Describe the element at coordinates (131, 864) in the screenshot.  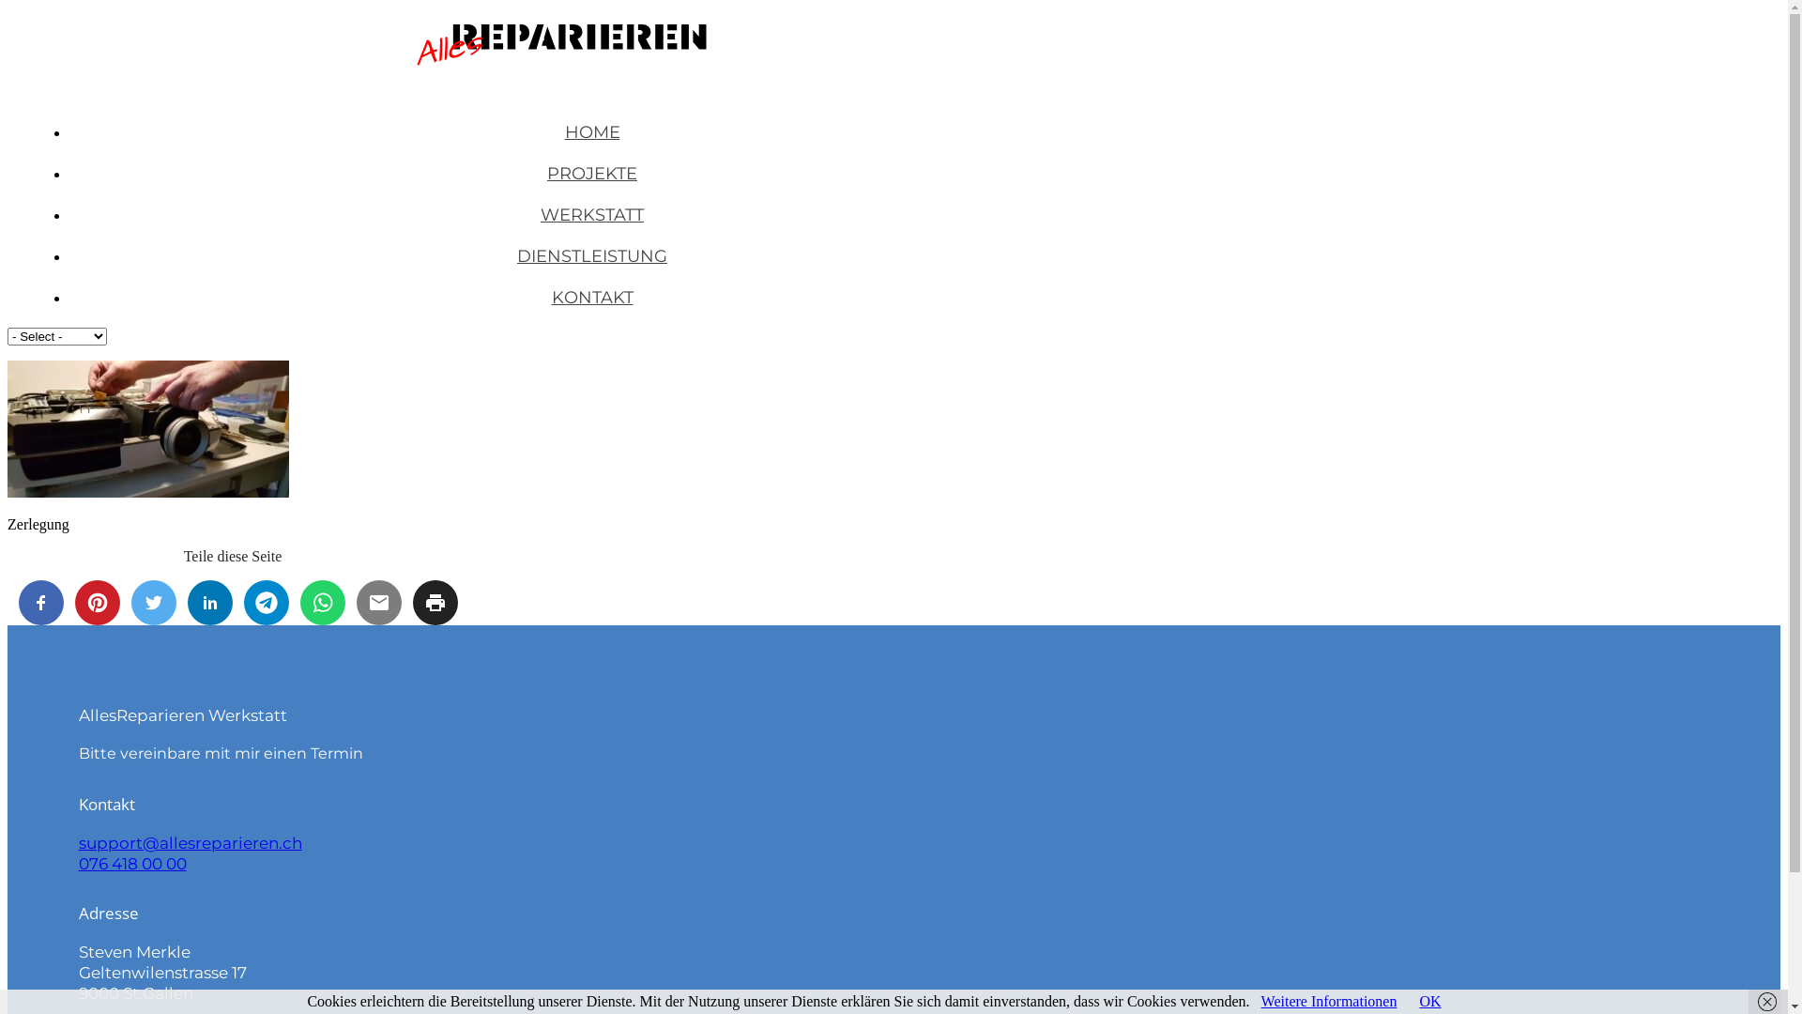
I see `'076 418 00 00'` at that location.